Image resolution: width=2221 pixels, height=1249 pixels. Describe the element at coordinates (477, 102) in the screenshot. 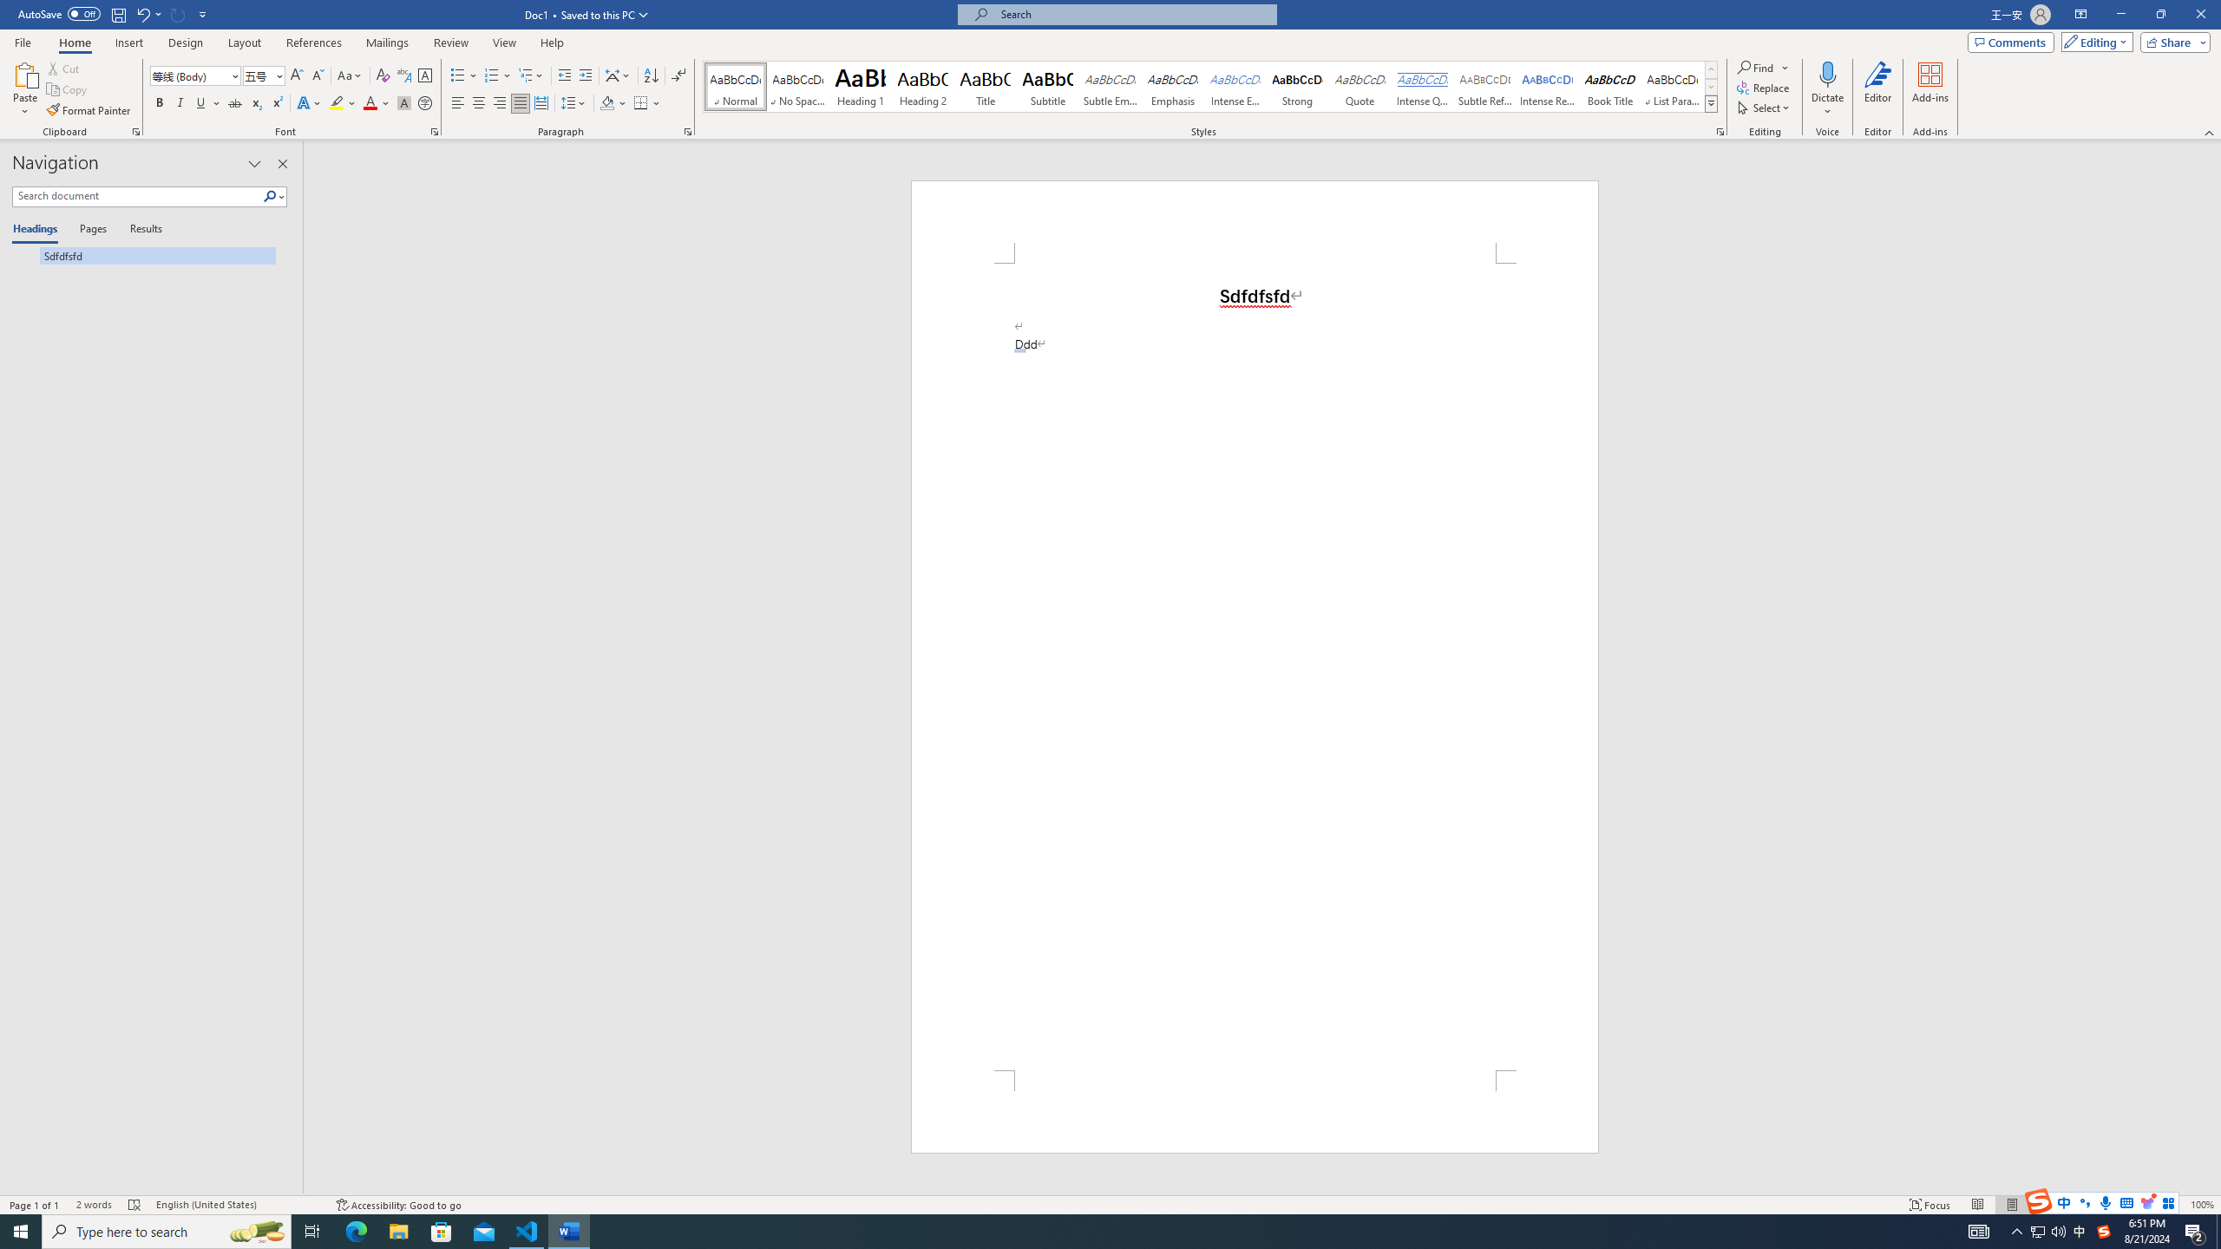

I see `'Center'` at that location.